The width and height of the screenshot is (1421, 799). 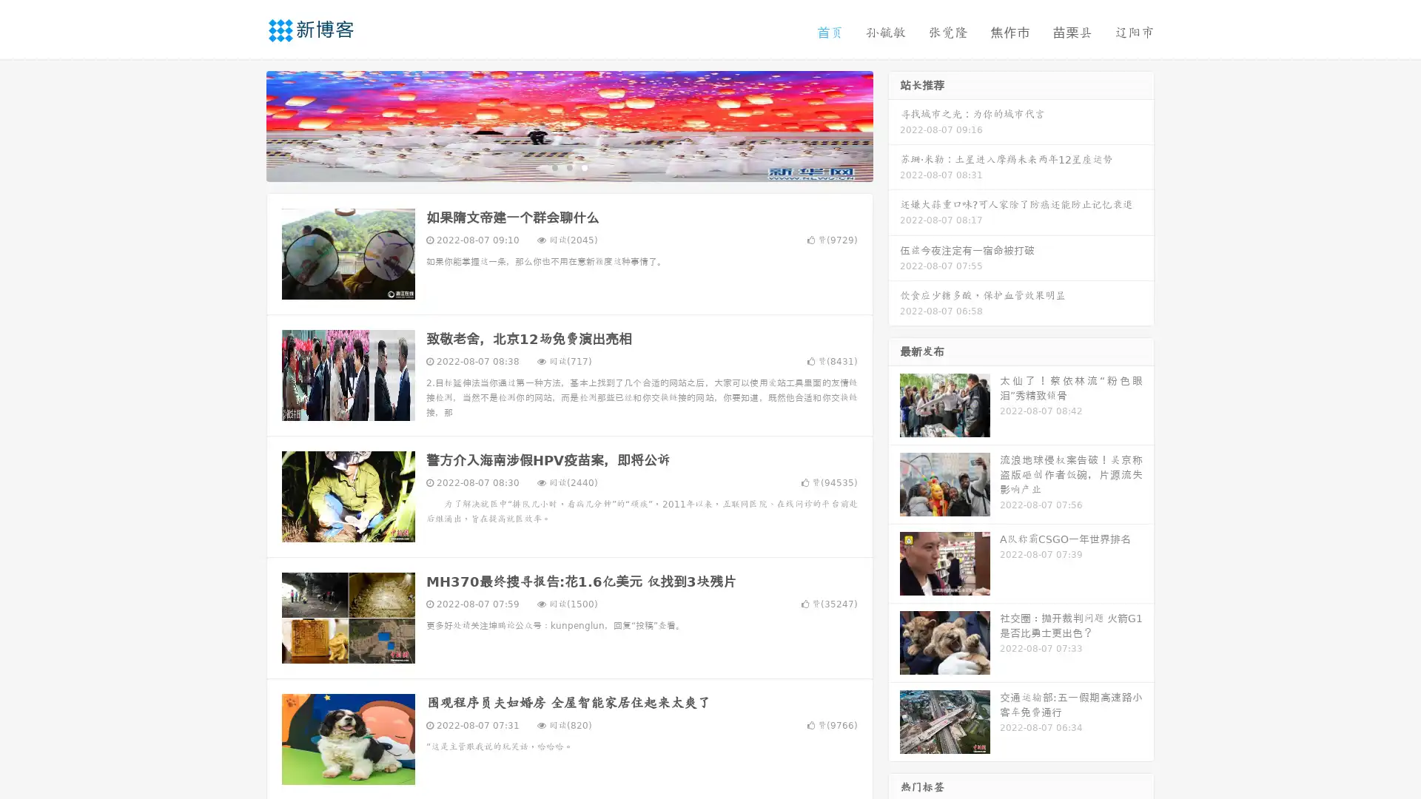 I want to click on Go to slide 3, so click(x=584, y=166).